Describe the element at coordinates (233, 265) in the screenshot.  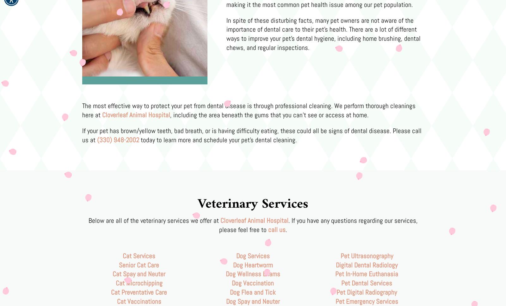
I see `'Dog Heartworm'` at that location.